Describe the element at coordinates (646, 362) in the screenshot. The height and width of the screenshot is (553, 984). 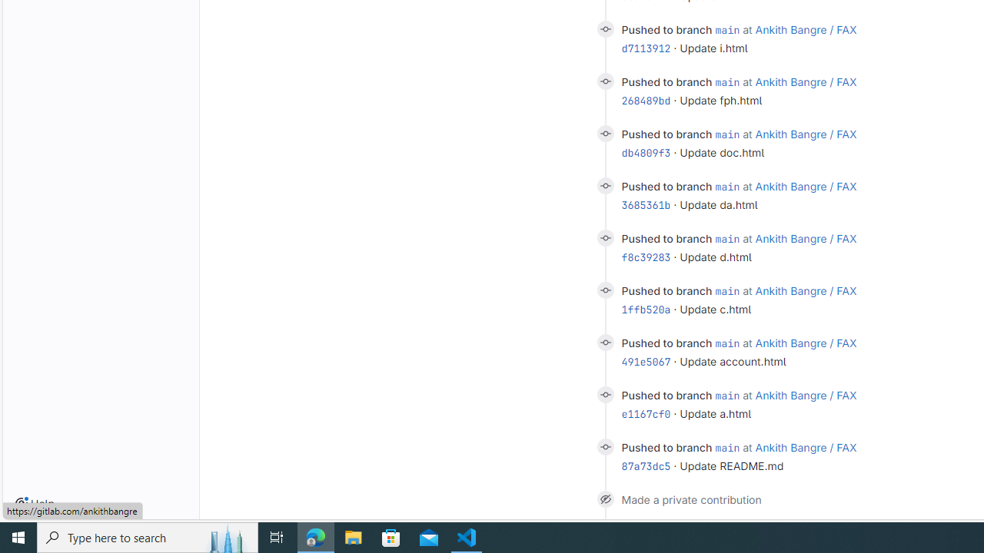
I see `'491e5067'` at that location.